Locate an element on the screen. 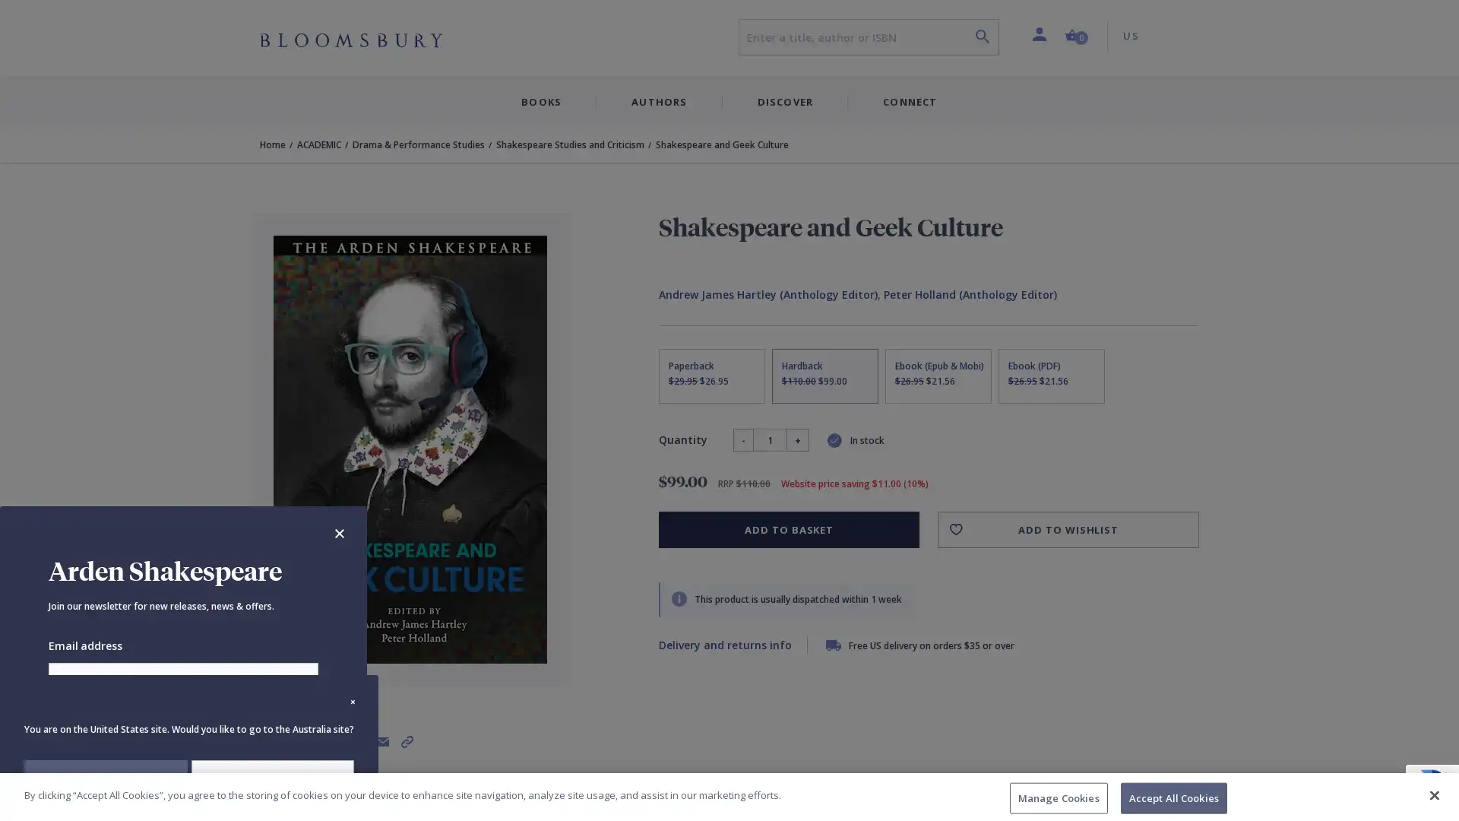  Manage Cookies is located at coordinates (1057, 797).